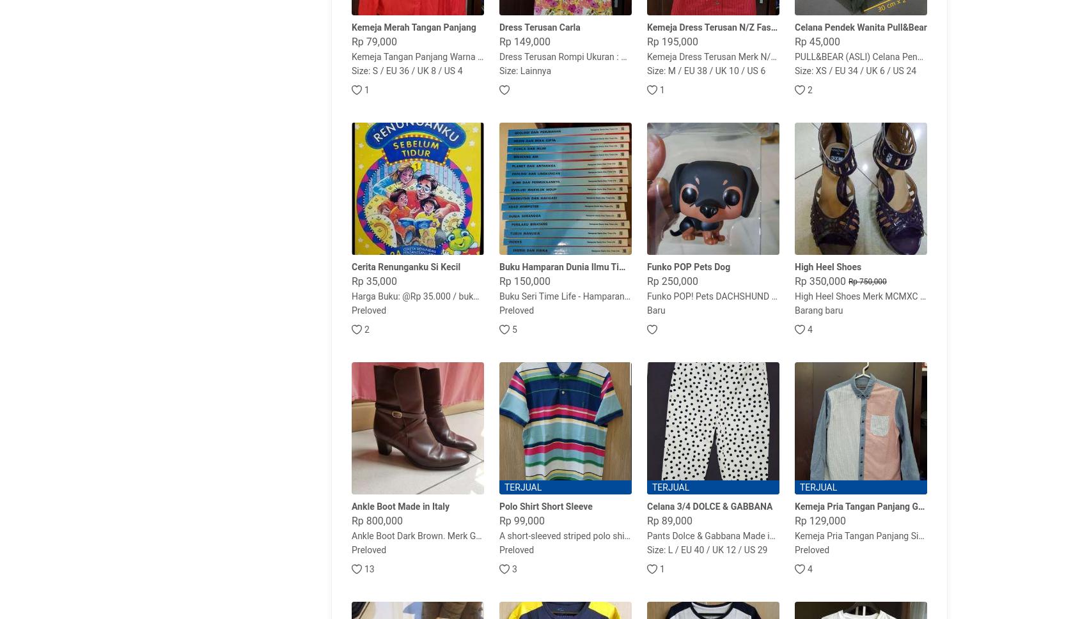  I want to click on 'Funko POP! Pets DACHSHUND #3 Kondisi Baru Only one stock', so click(770, 296).